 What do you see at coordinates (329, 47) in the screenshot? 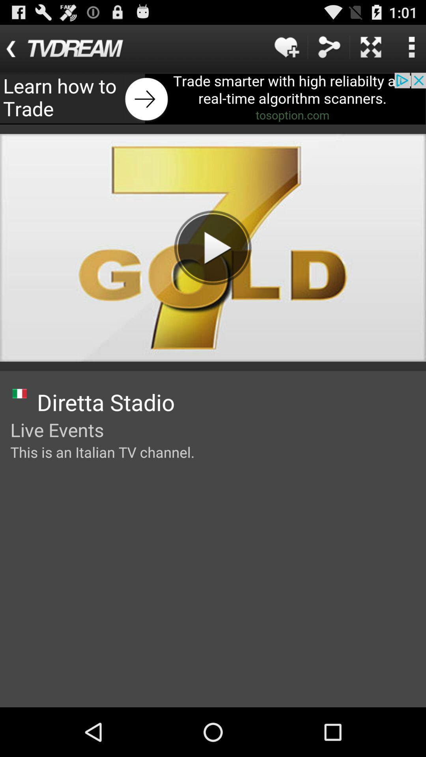
I see `share` at bounding box center [329, 47].